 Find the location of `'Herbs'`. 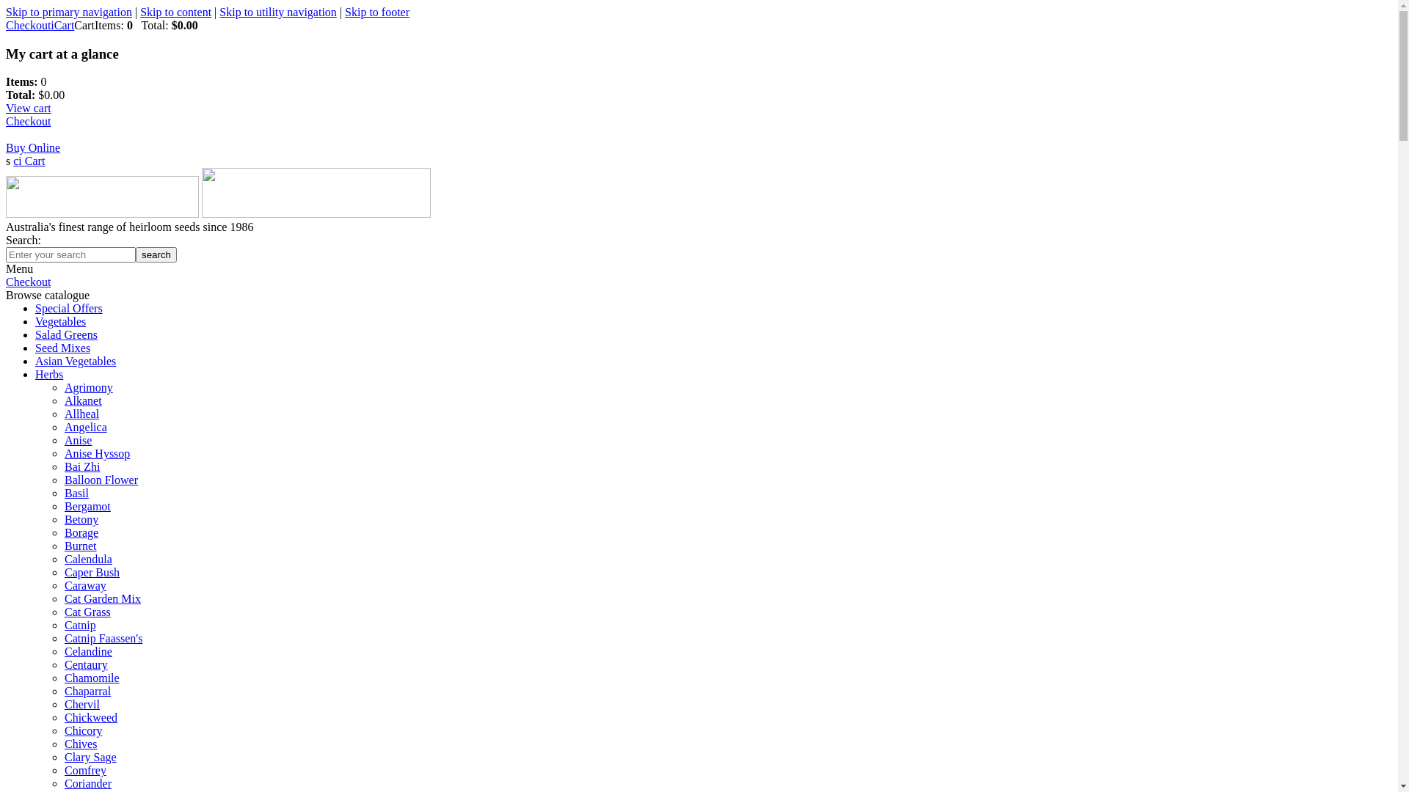

'Herbs' is located at coordinates (49, 373).